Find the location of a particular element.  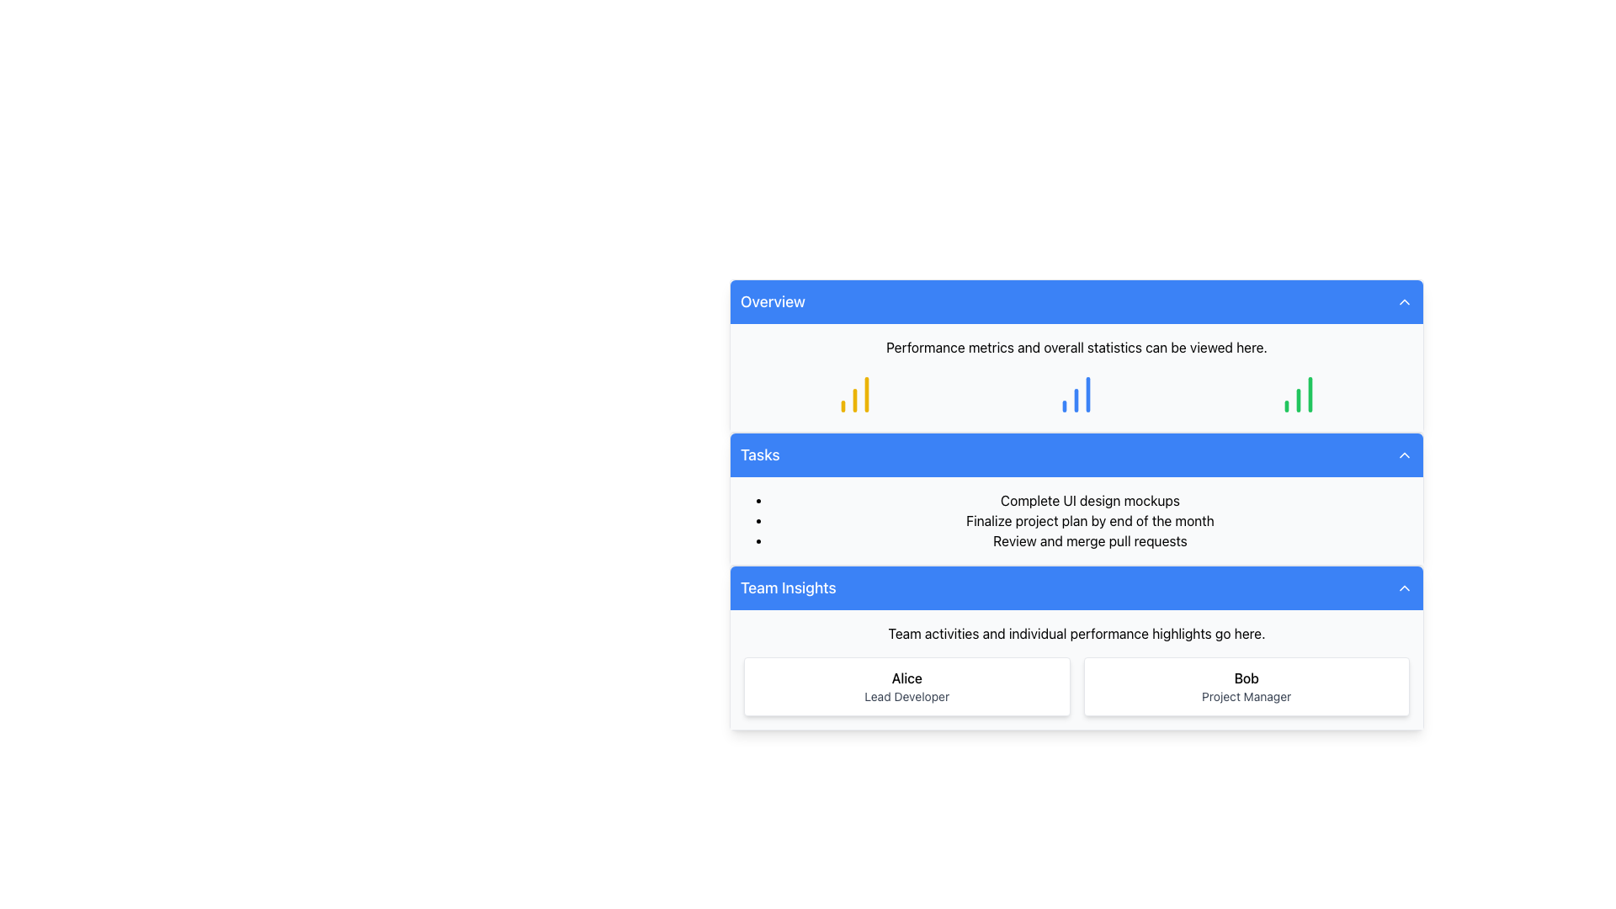

the text label displaying 'Project Manager' which is smaller and gray, located under the name 'Bob' in a card layout is located at coordinates (1247, 697).